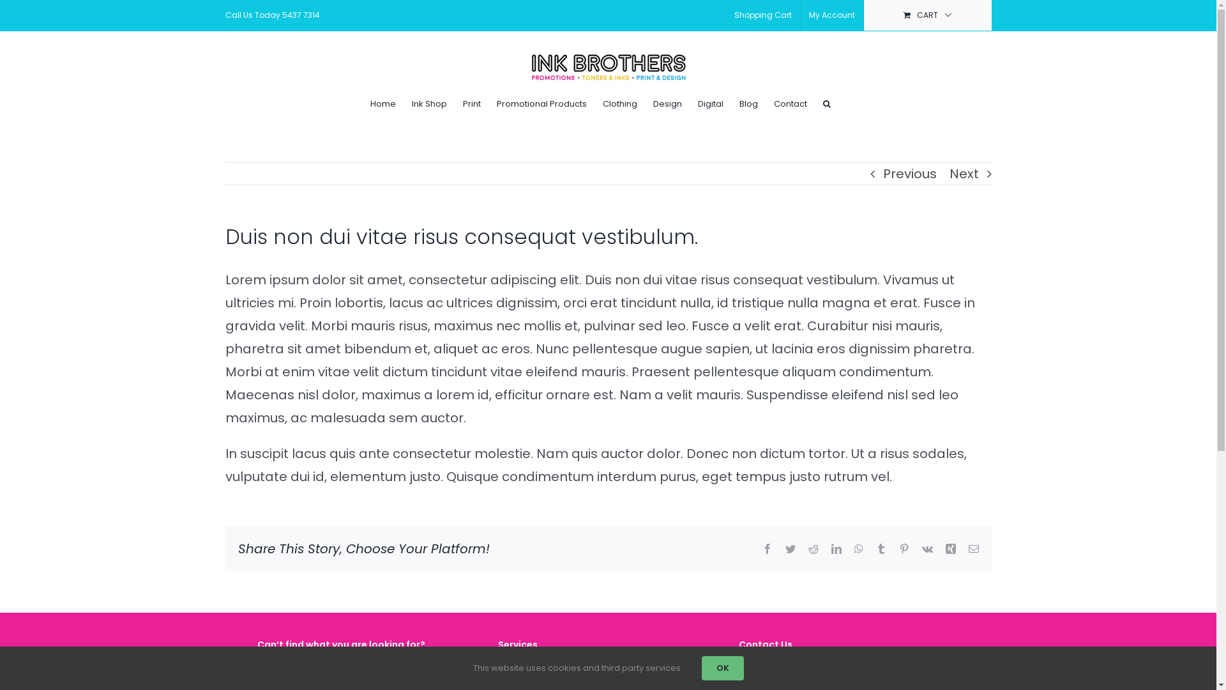 This screenshot has width=1226, height=690. What do you see at coordinates (972, 548) in the screenshot?
I see `'Email'` at bounding box center [972, 548].